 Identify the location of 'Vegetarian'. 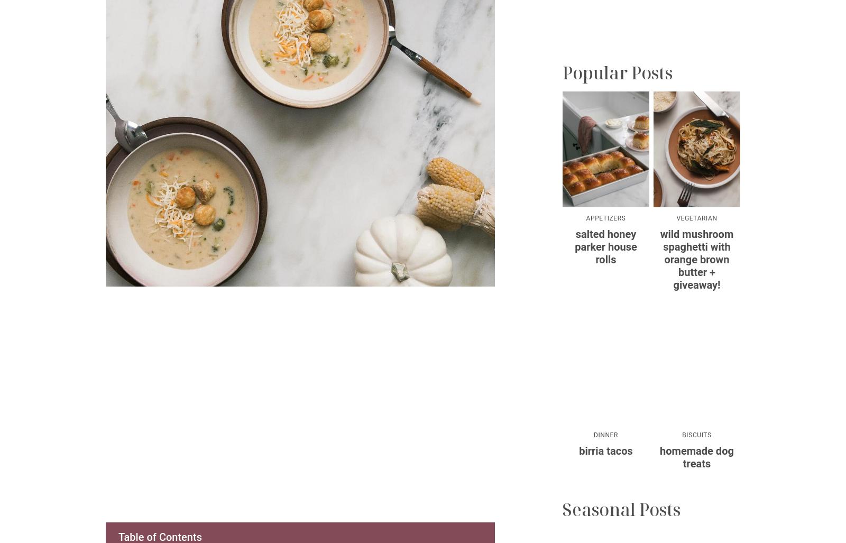
(696, 217).